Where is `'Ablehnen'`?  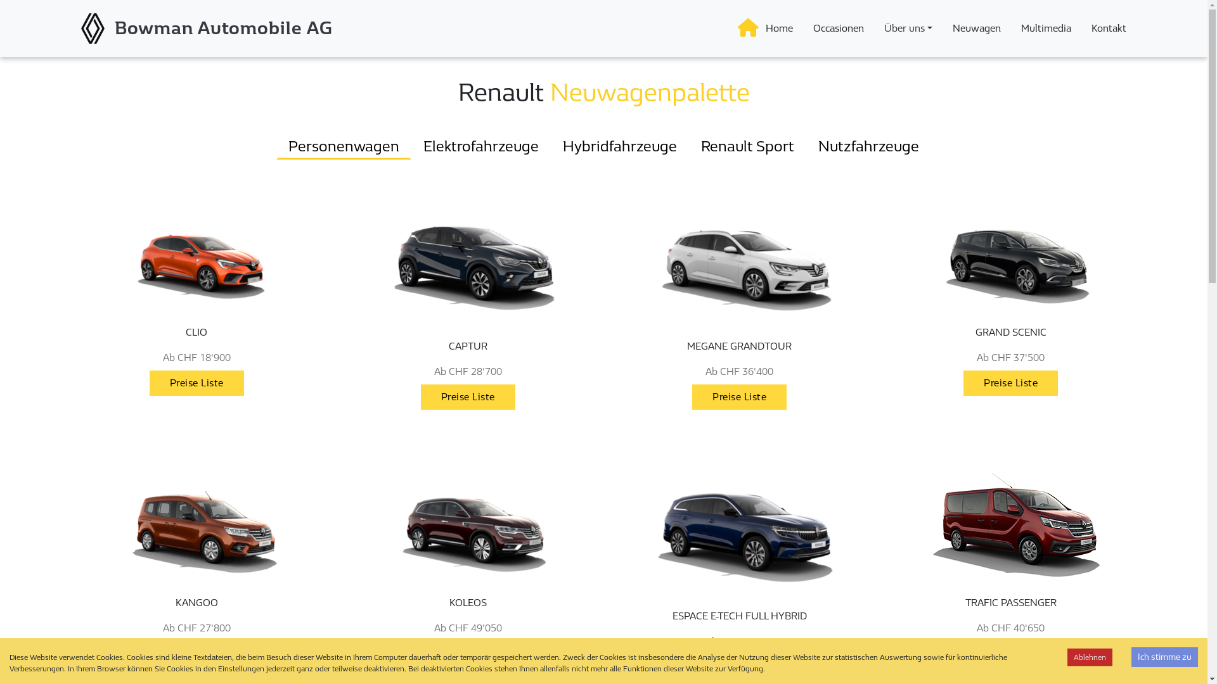
'Ablehnen' is located at coordinates (1089, 656).